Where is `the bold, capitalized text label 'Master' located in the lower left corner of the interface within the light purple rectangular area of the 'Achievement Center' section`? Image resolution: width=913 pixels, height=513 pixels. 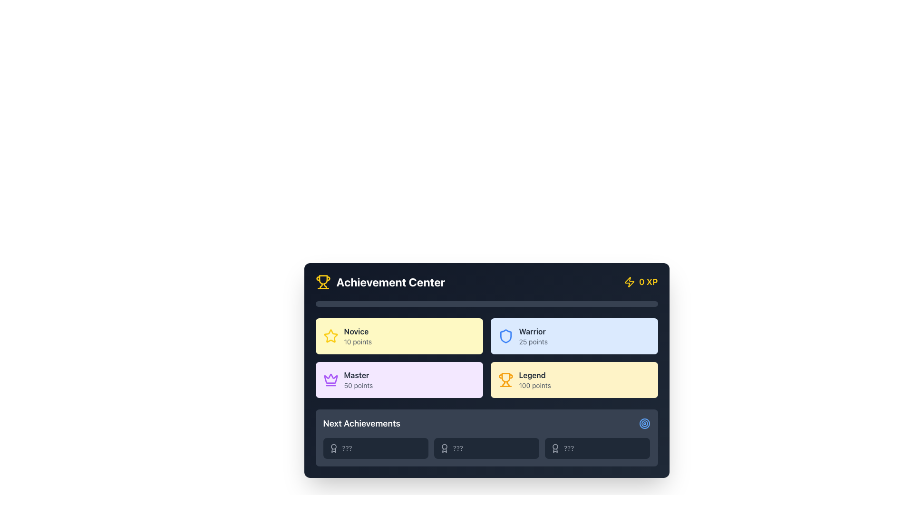
the bold, capitalized text label 'Master' located in the lower left corner of the interface within the light purple rectangular area of the 'Achievement Center' section is located at coordinates (358, 375).